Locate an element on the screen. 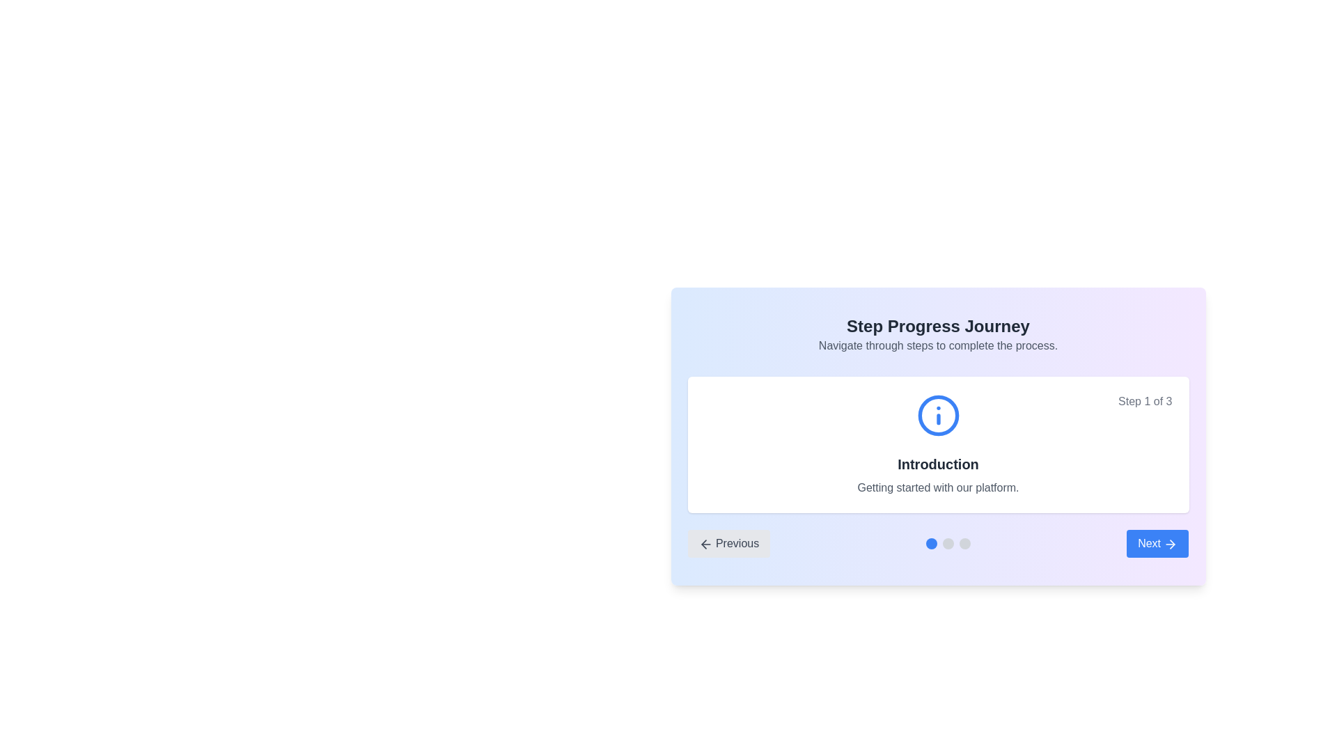 The width and height of the screenshot is (1337, 752). the arrow icon located within the 'Next' button at the bottom-right area of the interactive card is located at coordinates (1170, 543).